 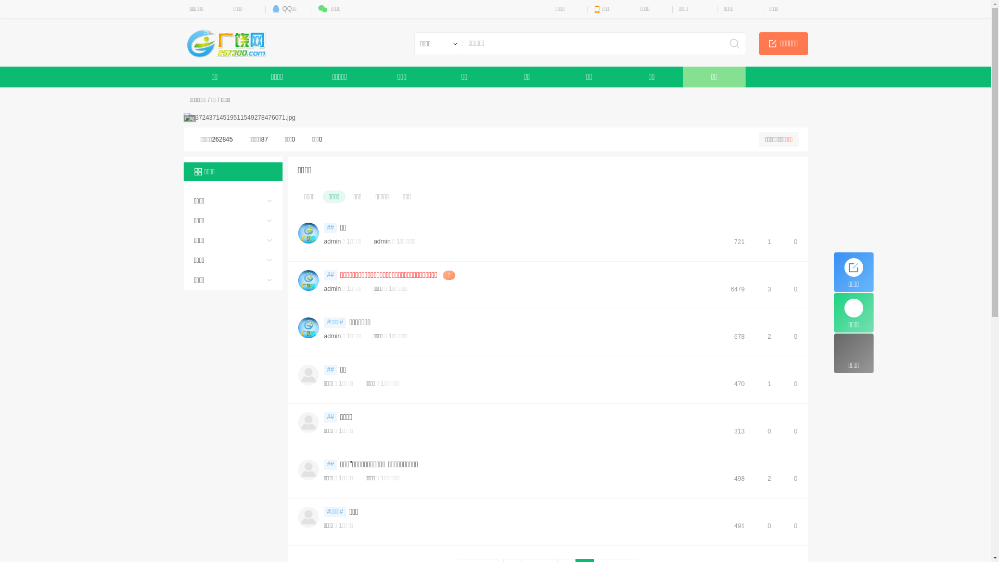 I want to click on '2', so click(x=764, y=479).